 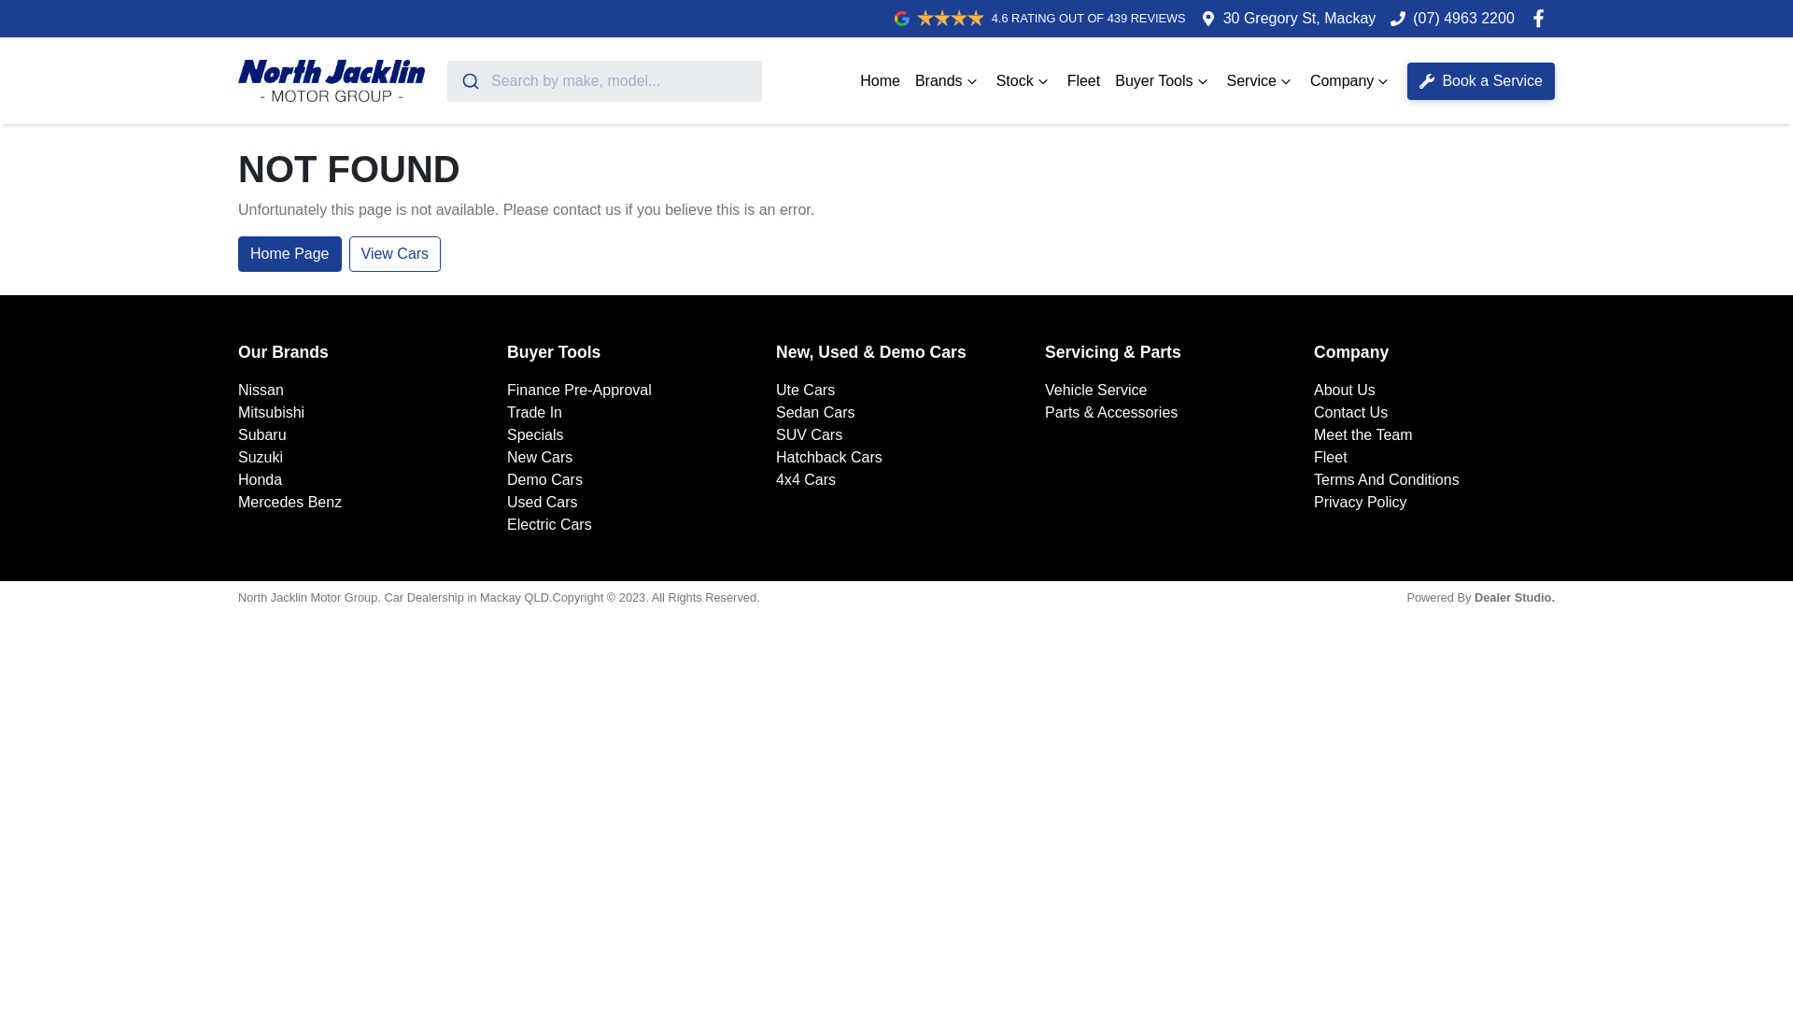 What do you see at coordinates (270, 411) in the screenshot?
I see `'Mitsubishi'` at bounding box center [270, 411].